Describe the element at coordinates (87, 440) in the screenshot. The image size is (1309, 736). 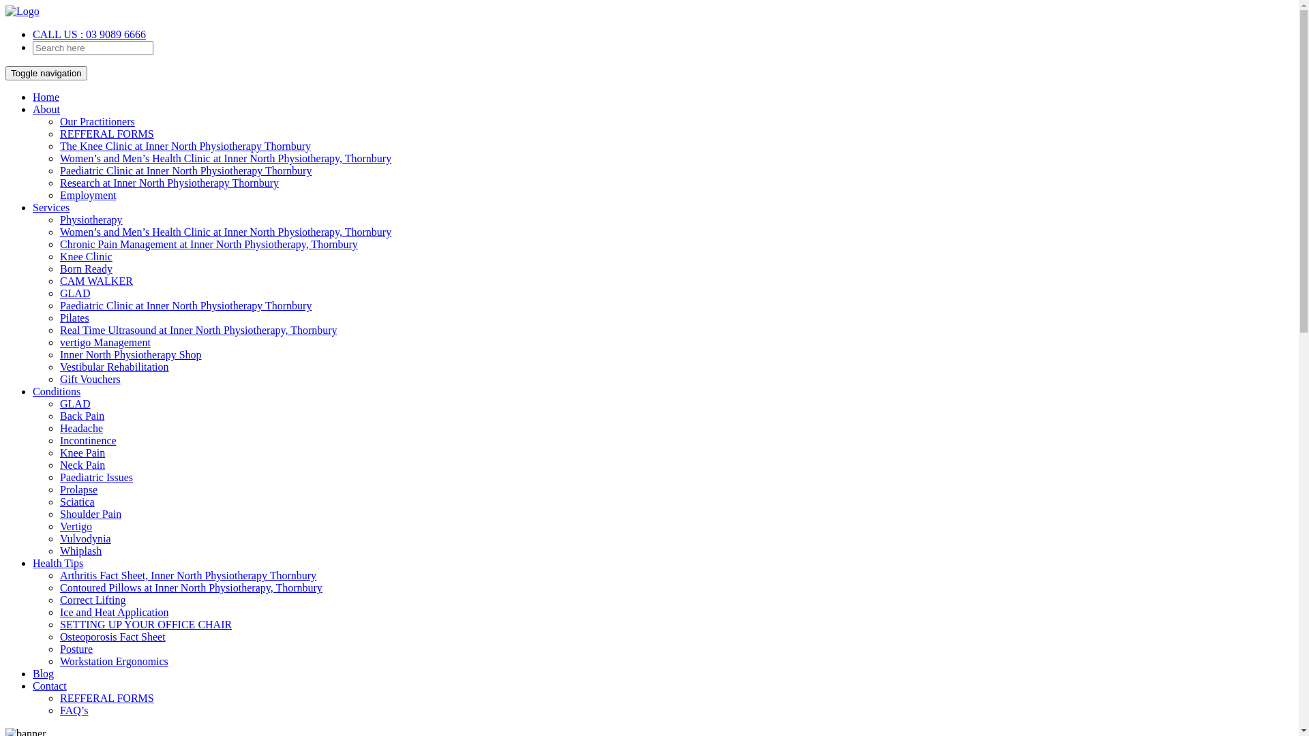
I see `'Incontinence'` at that location.